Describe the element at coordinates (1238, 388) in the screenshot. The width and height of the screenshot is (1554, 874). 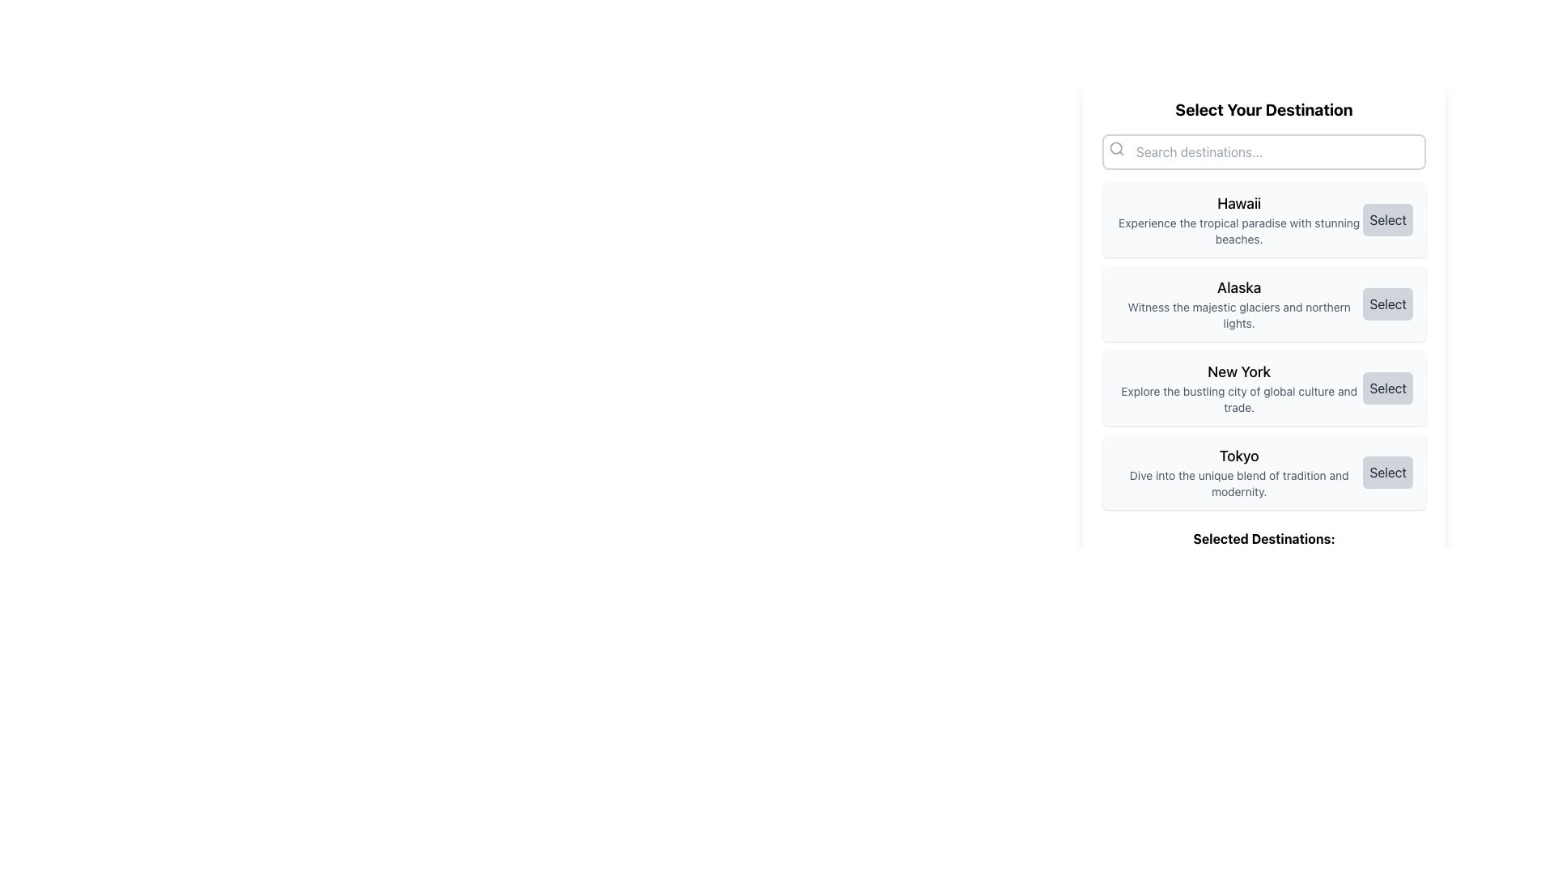
I see `the informational text block titled 'New York' which contains the description 'Explore the bustling city of global culture and trade.'` at that location.